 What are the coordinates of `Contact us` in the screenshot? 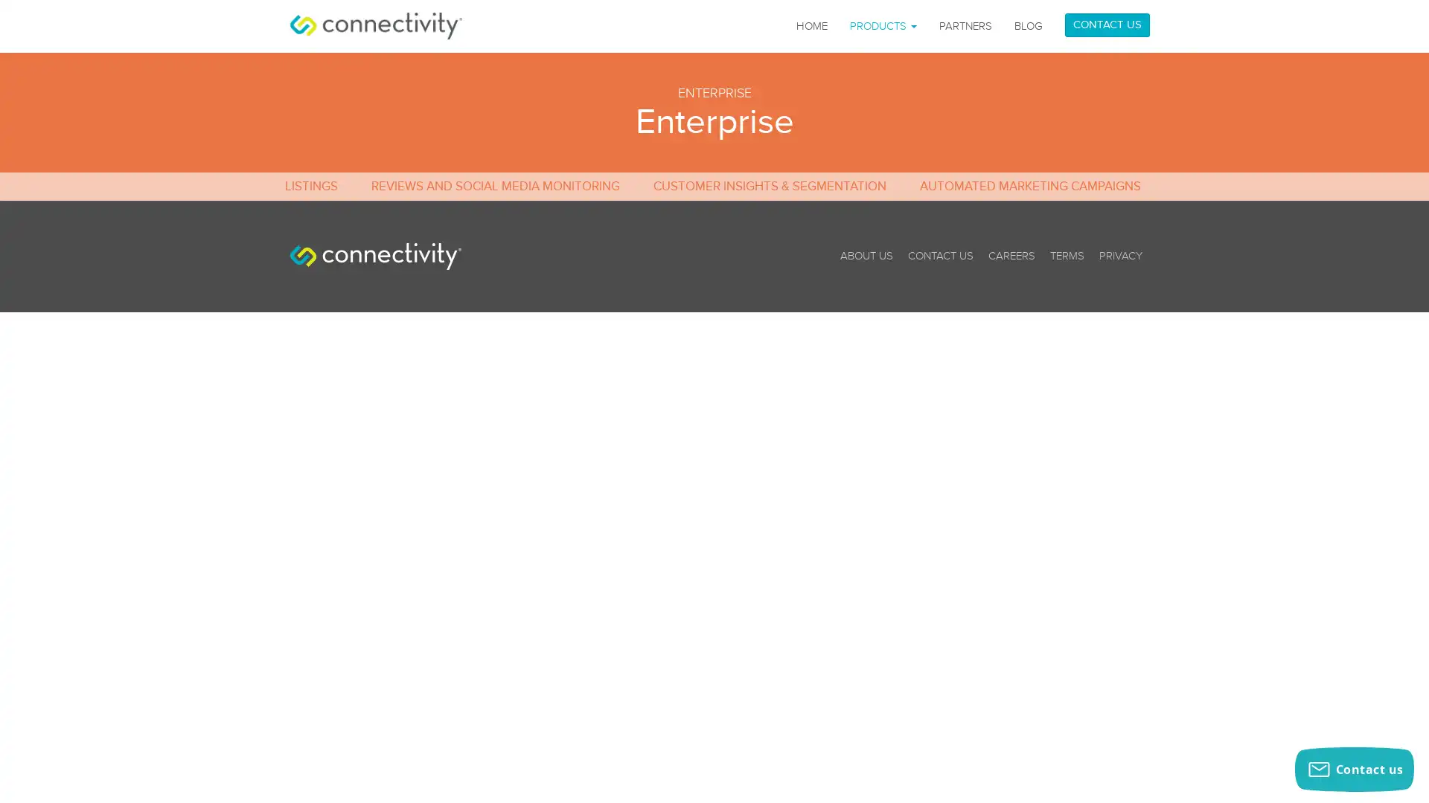 It's located at (1354, 769).